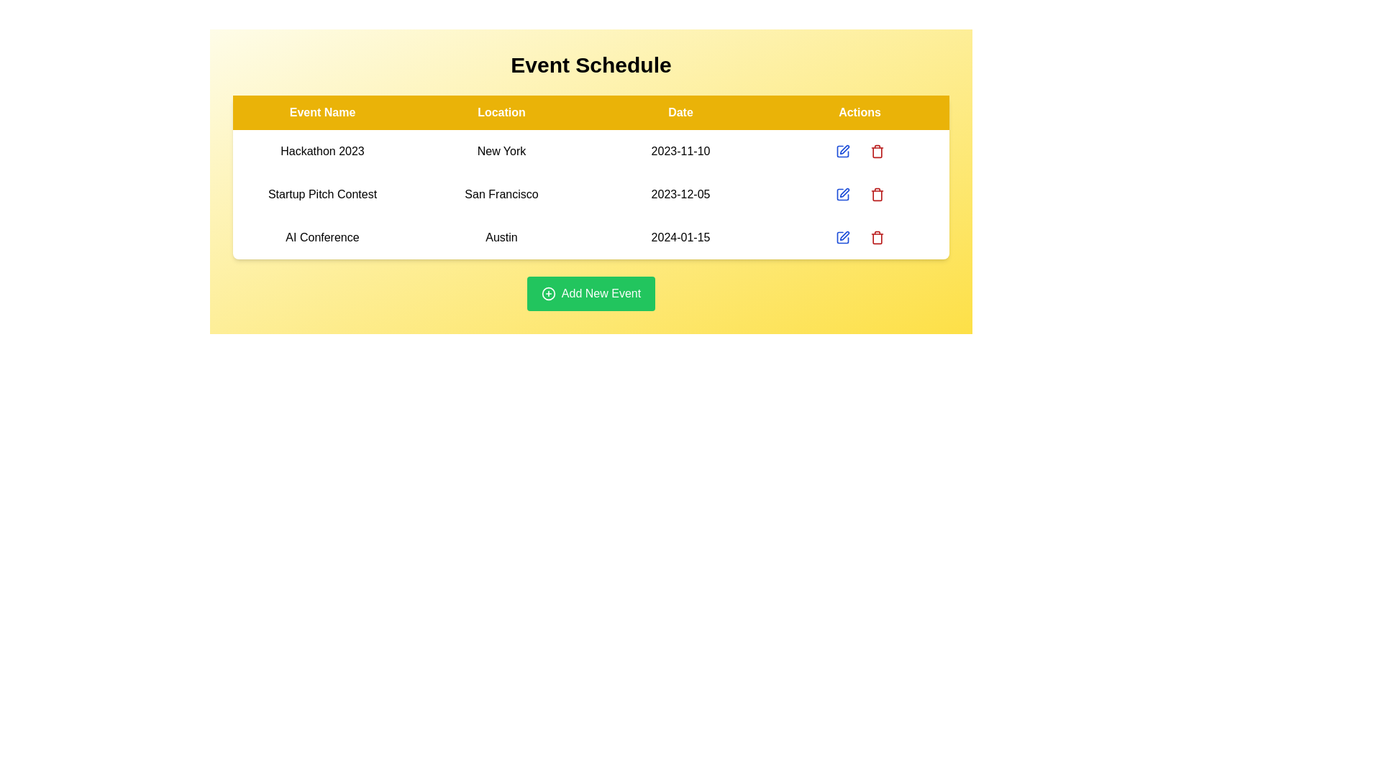  I want to click on the table header Date, so click(680, 112).